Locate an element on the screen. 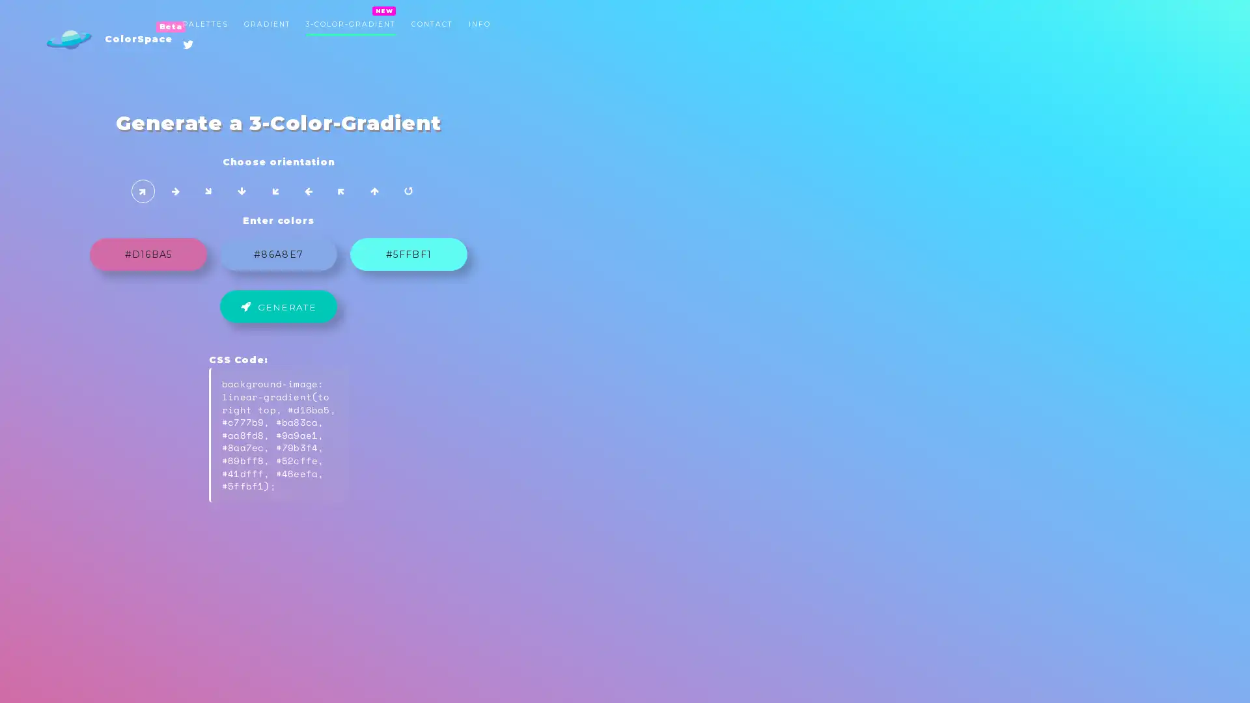  GENERATE is located at coordinates (625, 312).